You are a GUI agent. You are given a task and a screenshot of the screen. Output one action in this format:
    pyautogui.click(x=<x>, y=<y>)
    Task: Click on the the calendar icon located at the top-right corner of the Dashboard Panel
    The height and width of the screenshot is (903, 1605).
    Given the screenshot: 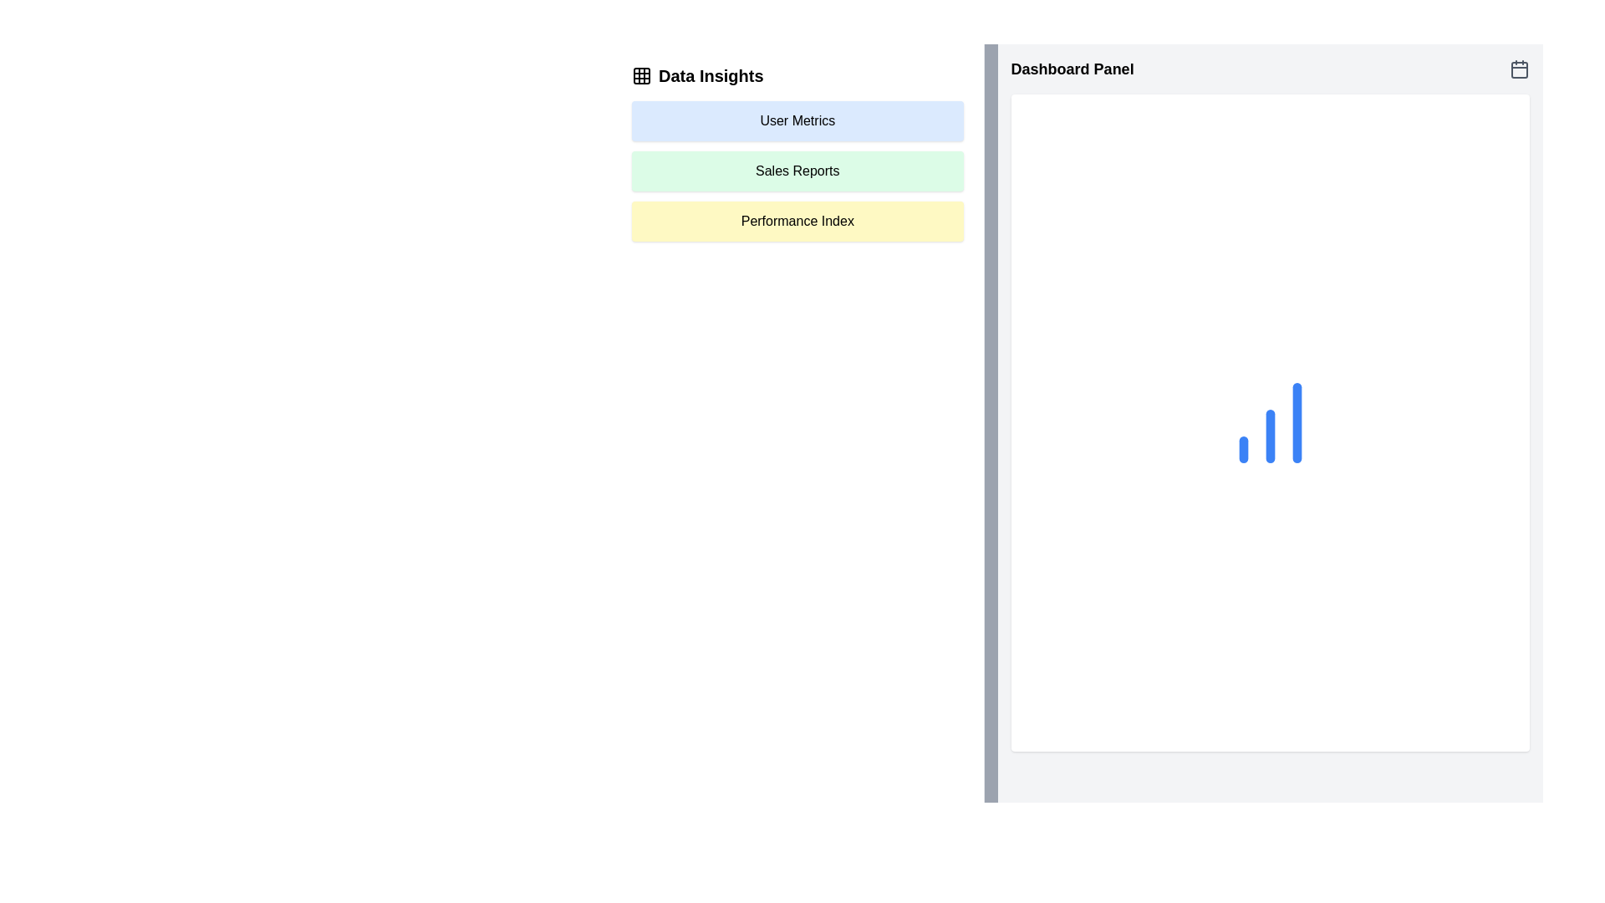 What is the action you would take?
    pyautogui.click(x=1520, y=69)
    